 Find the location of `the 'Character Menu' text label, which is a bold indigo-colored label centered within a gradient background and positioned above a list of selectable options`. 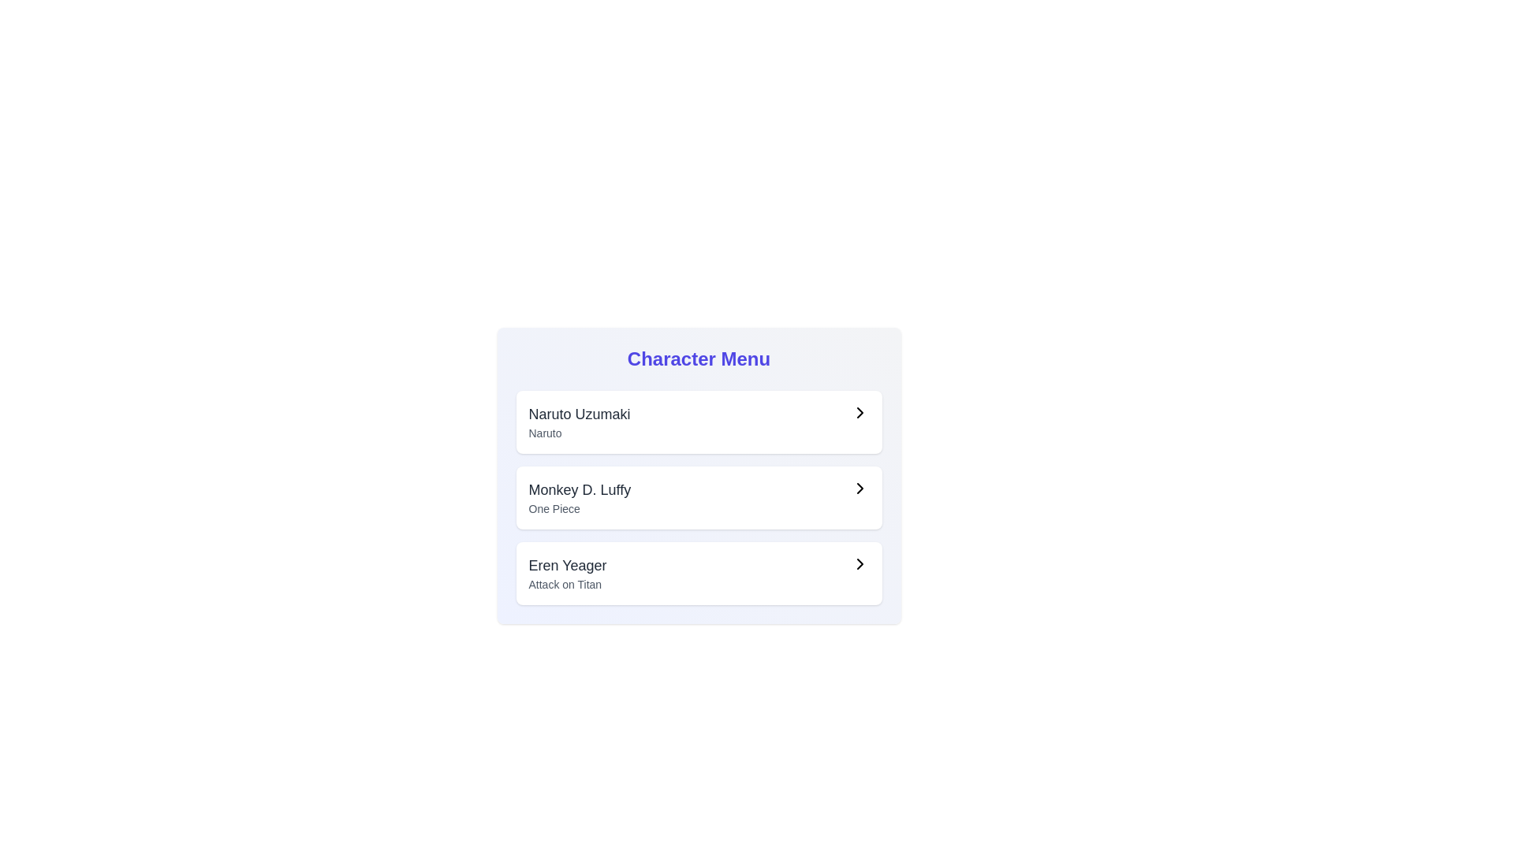

the 'Character Menu' text label, which is a bold indigo-colored label centered within a gradient background and positioned above a list of selectable options is located at coordinates (698, 359).